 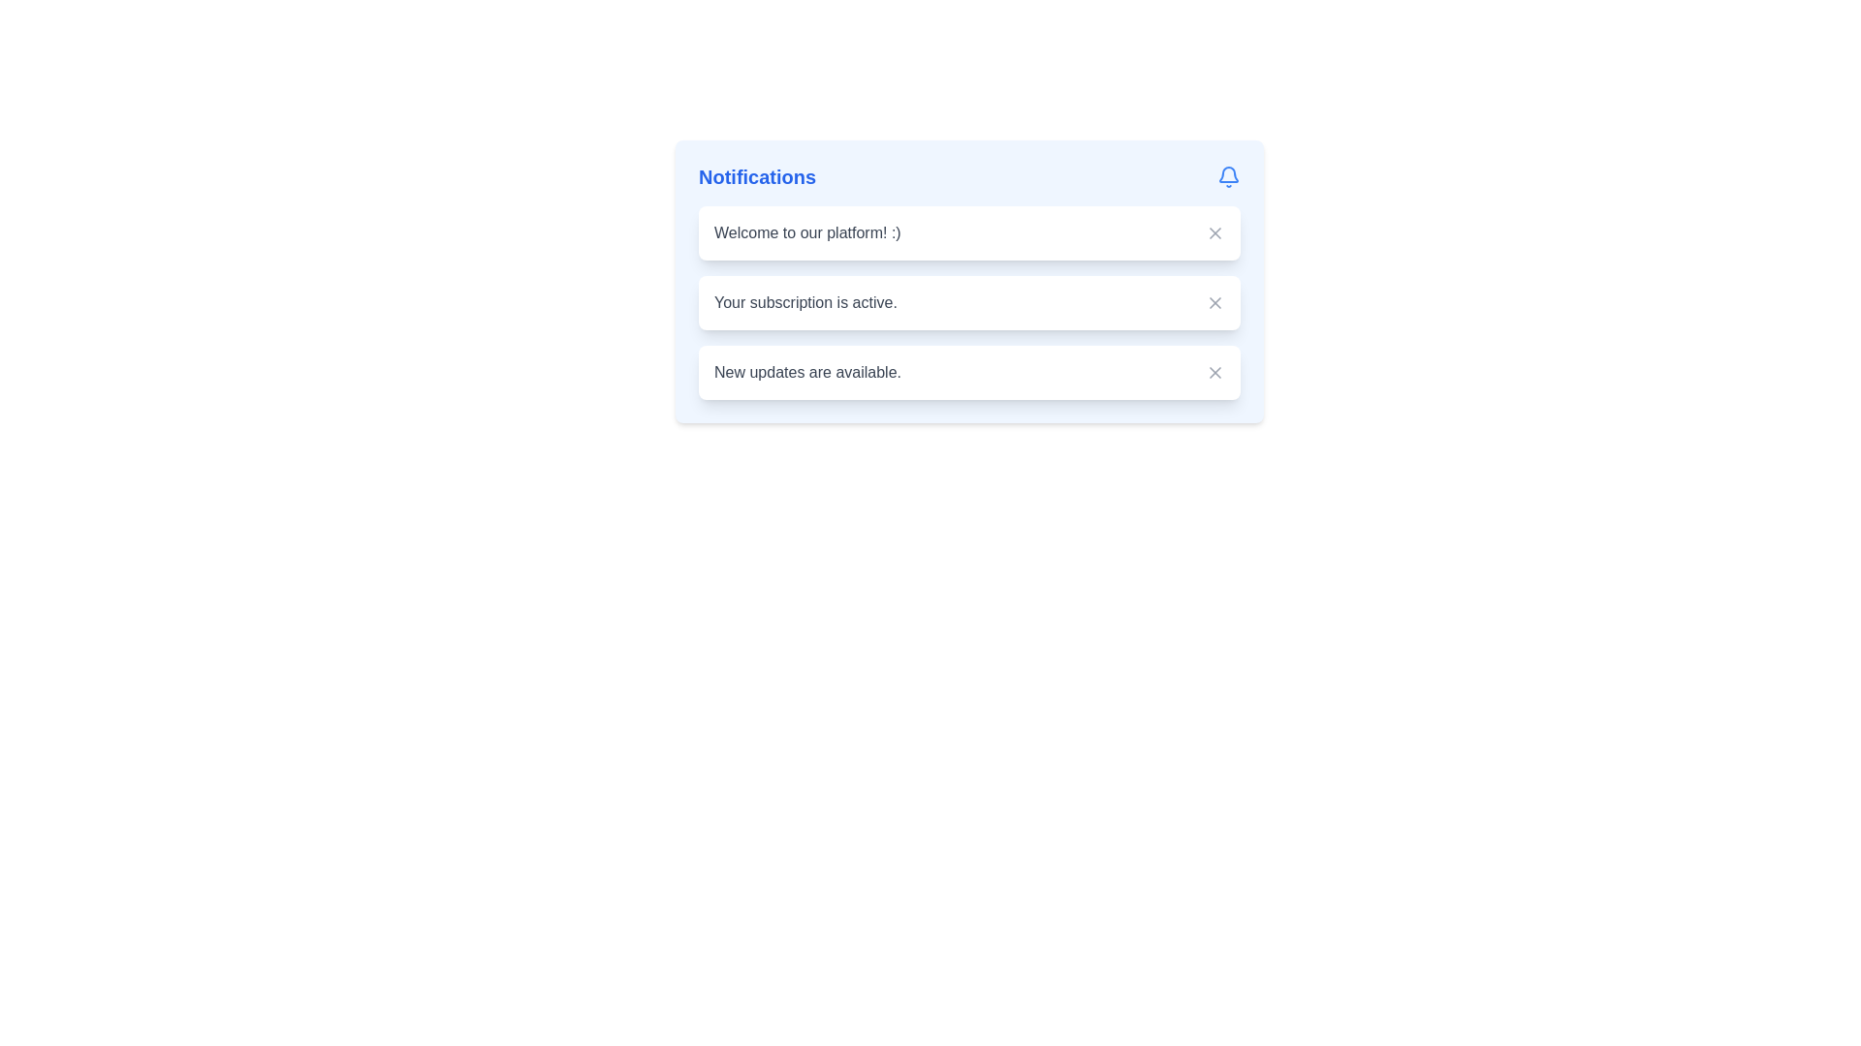 What do you see at coordinates (1214, 373) in the screenshot?
I see `the small cross-shaped icon located to the far right of the text 'New updates are available.'` at bounding box center [1214, 373].